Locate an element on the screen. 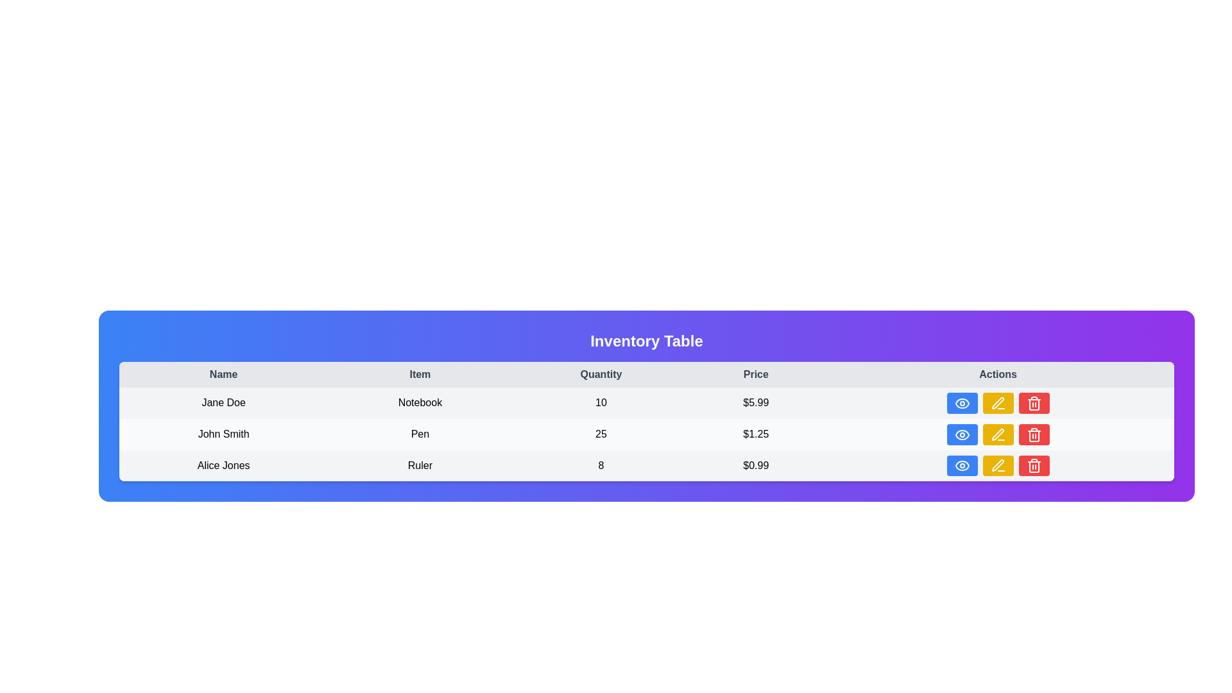 This screenshot has height=693, width=1232. the 'Item' column header text label, which is the second header in a row of table headers, positioned between the 'Name' header and the 'Quantity' header is located at coordinates (420, 374).